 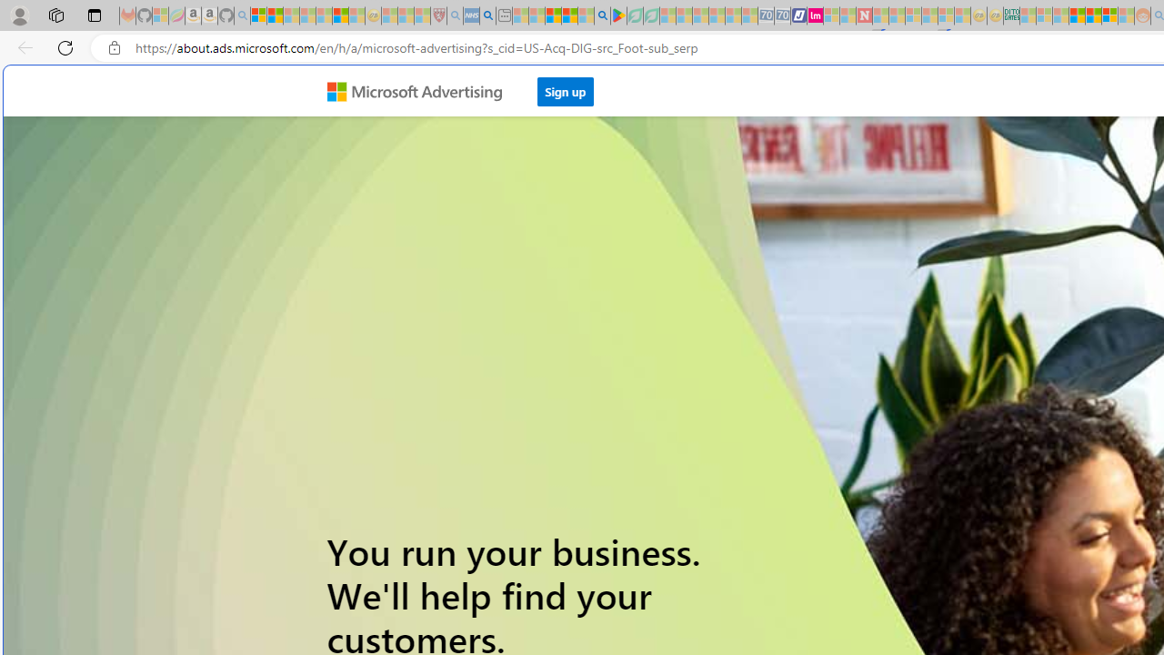 What do you see at coordinates (568, 15) in the screenshot?
I see `'Pets - MSN'` at bounding box center [568, 15].